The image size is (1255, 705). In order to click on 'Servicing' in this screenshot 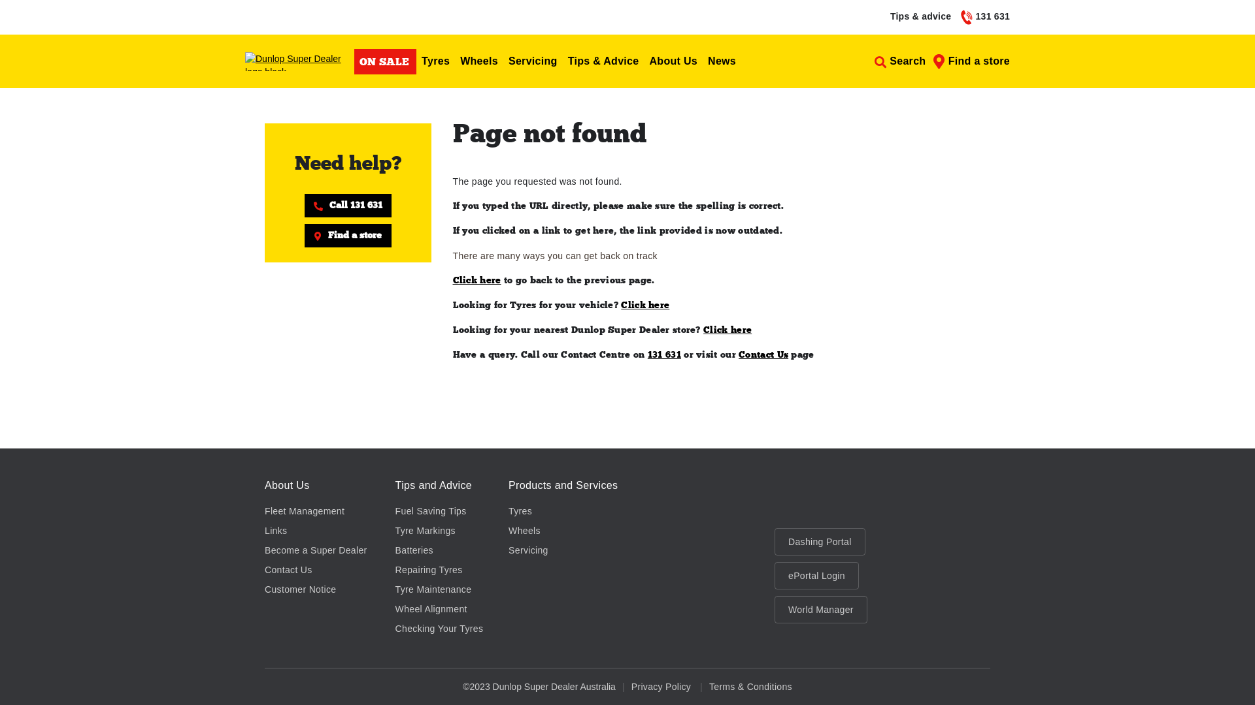, I will do `click(533, 61)`.